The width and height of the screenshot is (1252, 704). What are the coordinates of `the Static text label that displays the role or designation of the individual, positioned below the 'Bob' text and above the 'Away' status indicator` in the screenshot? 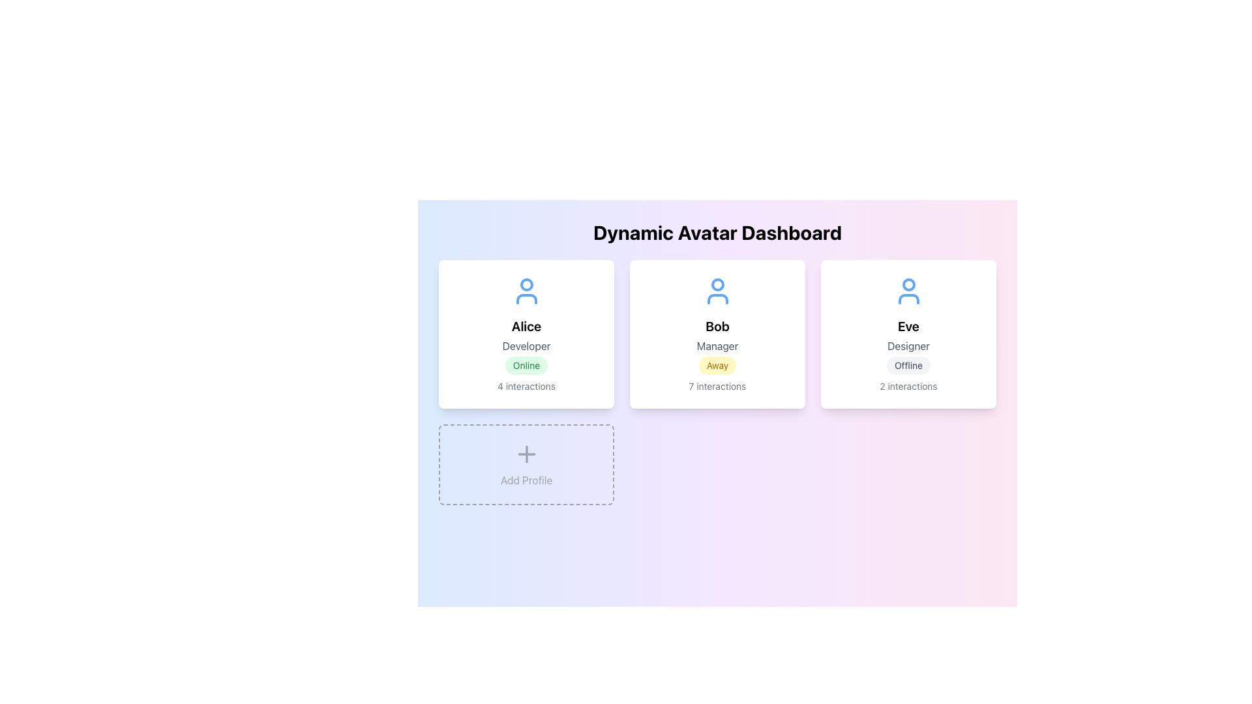 It's located at (717, 345).